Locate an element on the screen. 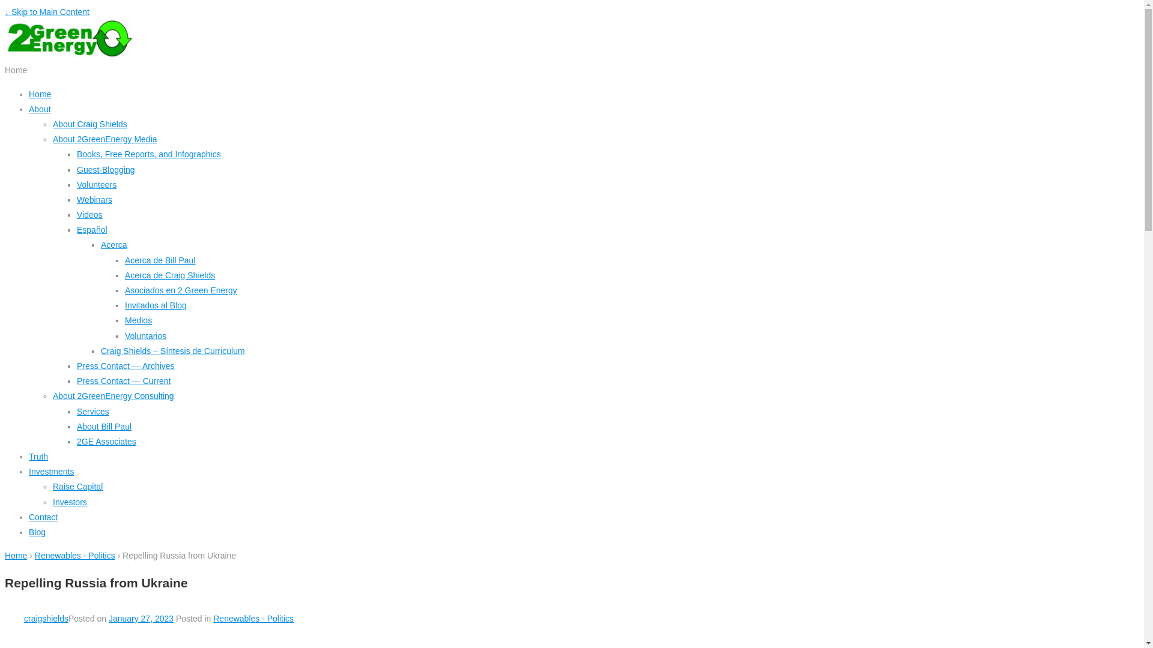 This screenshot has height=648, width=1153. 'Acerca' is located at coordinates (114, 244).